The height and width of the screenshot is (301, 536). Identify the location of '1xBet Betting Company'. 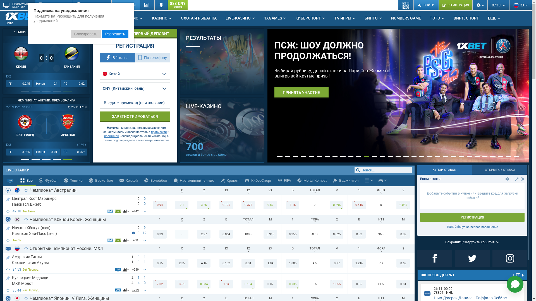
(22, 16).